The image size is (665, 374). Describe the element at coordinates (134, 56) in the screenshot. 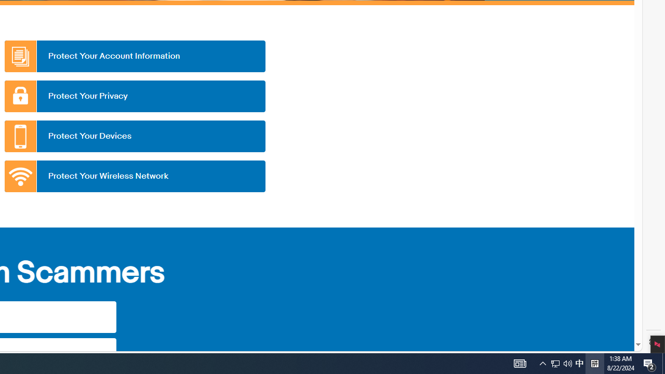

I see `'Protect Your Account Information'` at that location.